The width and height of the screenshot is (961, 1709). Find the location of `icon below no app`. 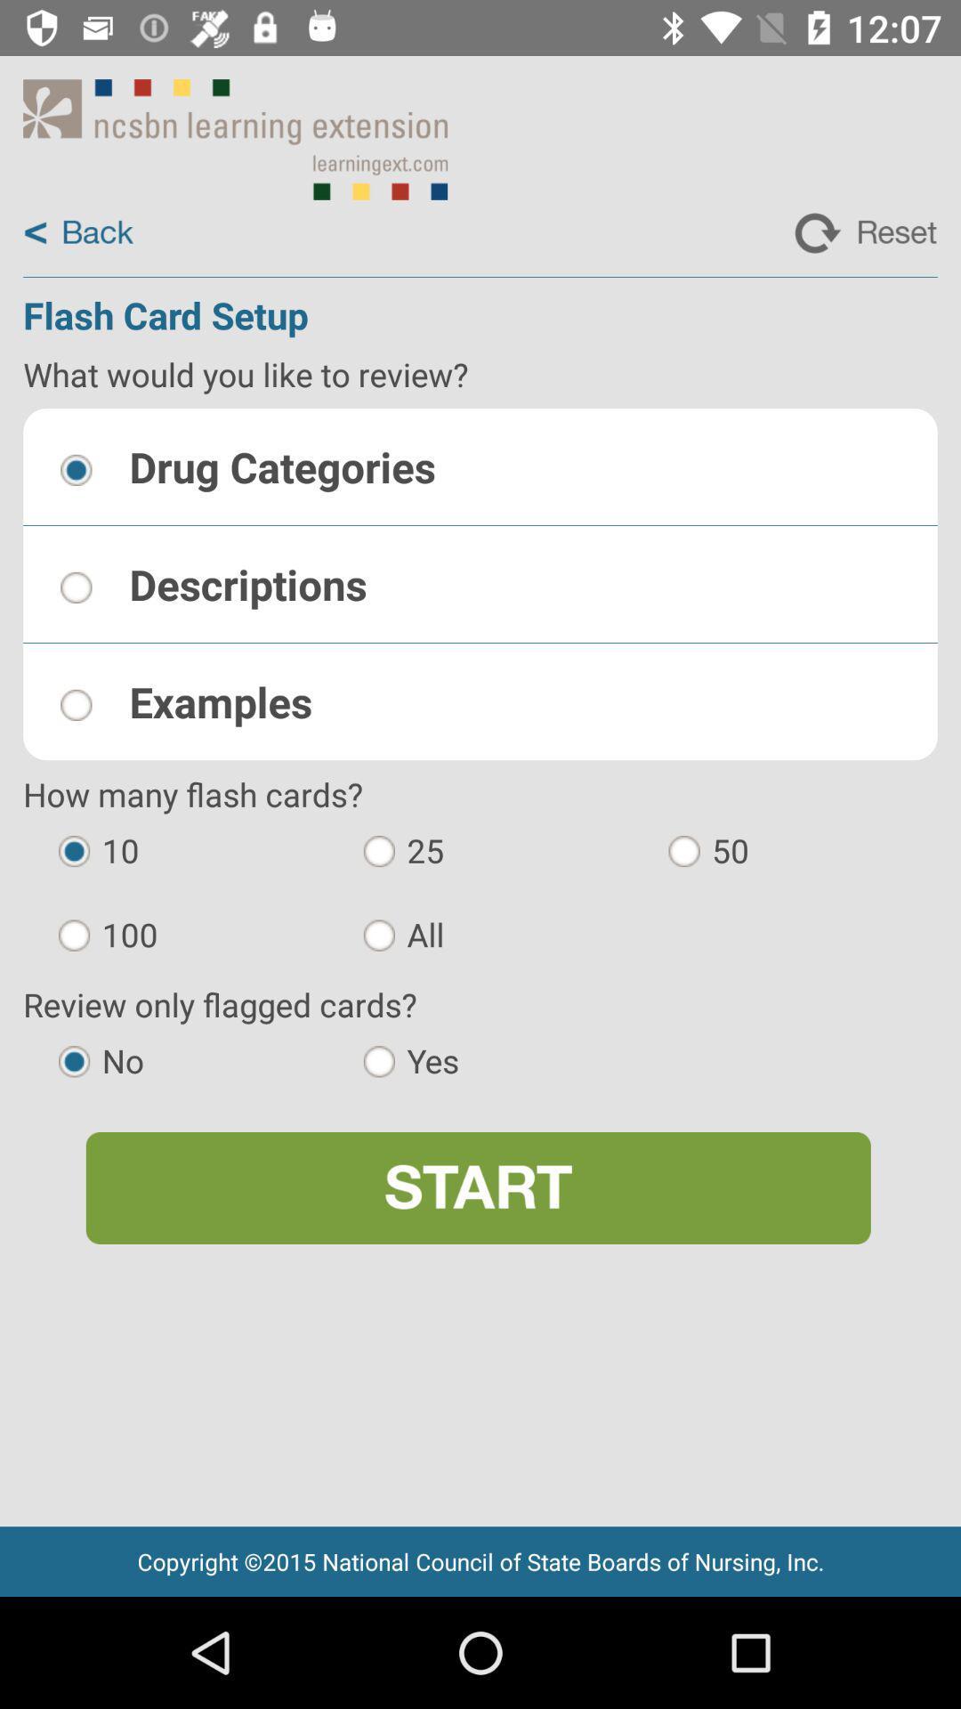

icon below no app is located at coordinates (477, 1187).